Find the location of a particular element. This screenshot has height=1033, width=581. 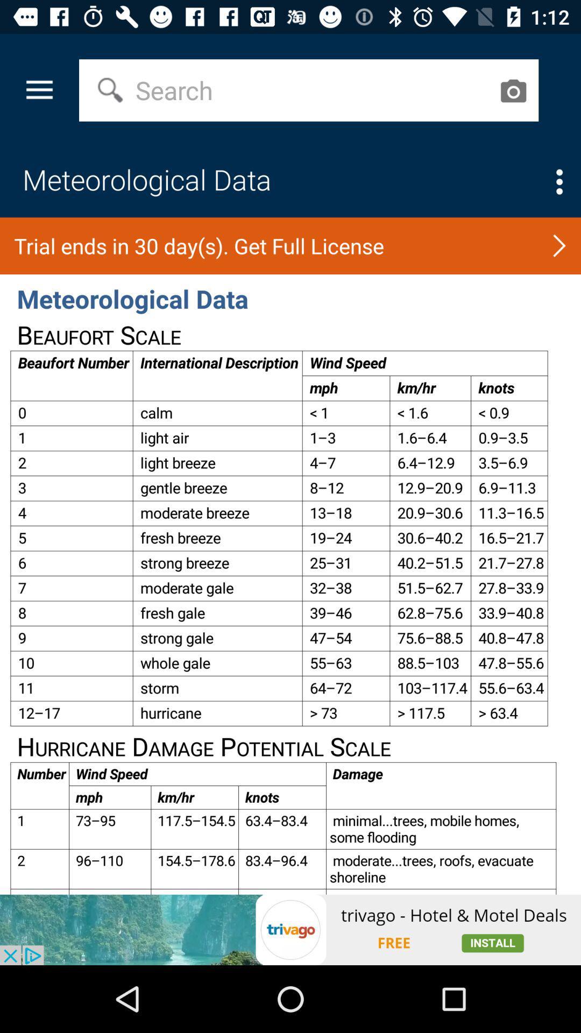

search with an image is located at coordinates (512, 90).